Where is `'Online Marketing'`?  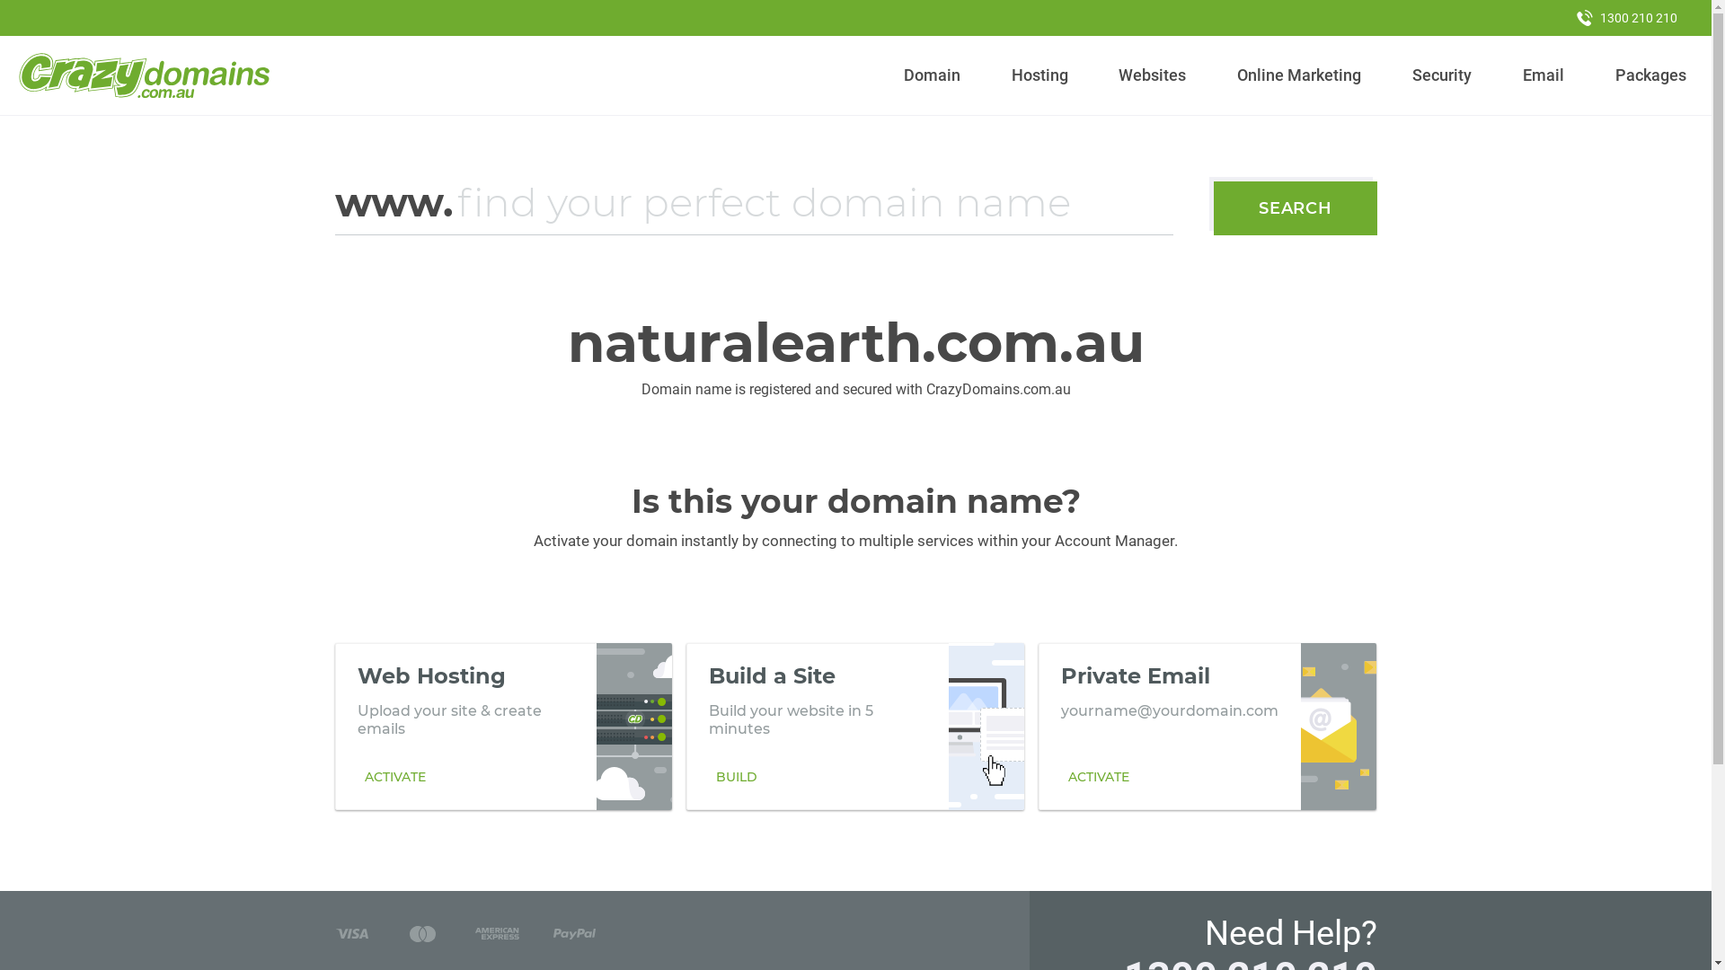
'Online Marketing' is located at coordinates (1299, 75).